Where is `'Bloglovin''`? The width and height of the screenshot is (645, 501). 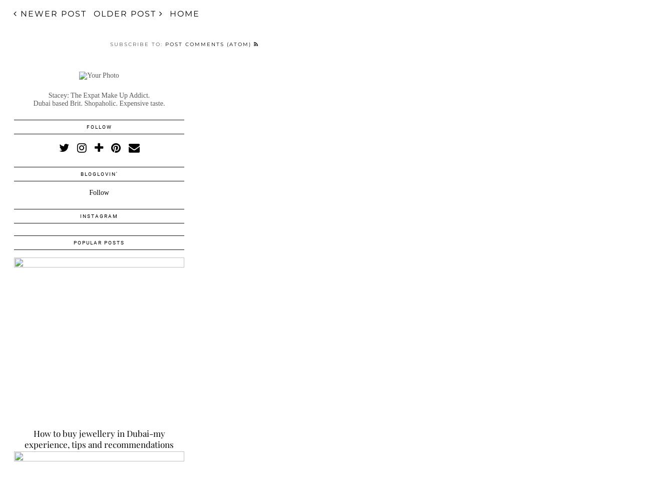 'Bloglovin'' is located at coordinates (99, 173).